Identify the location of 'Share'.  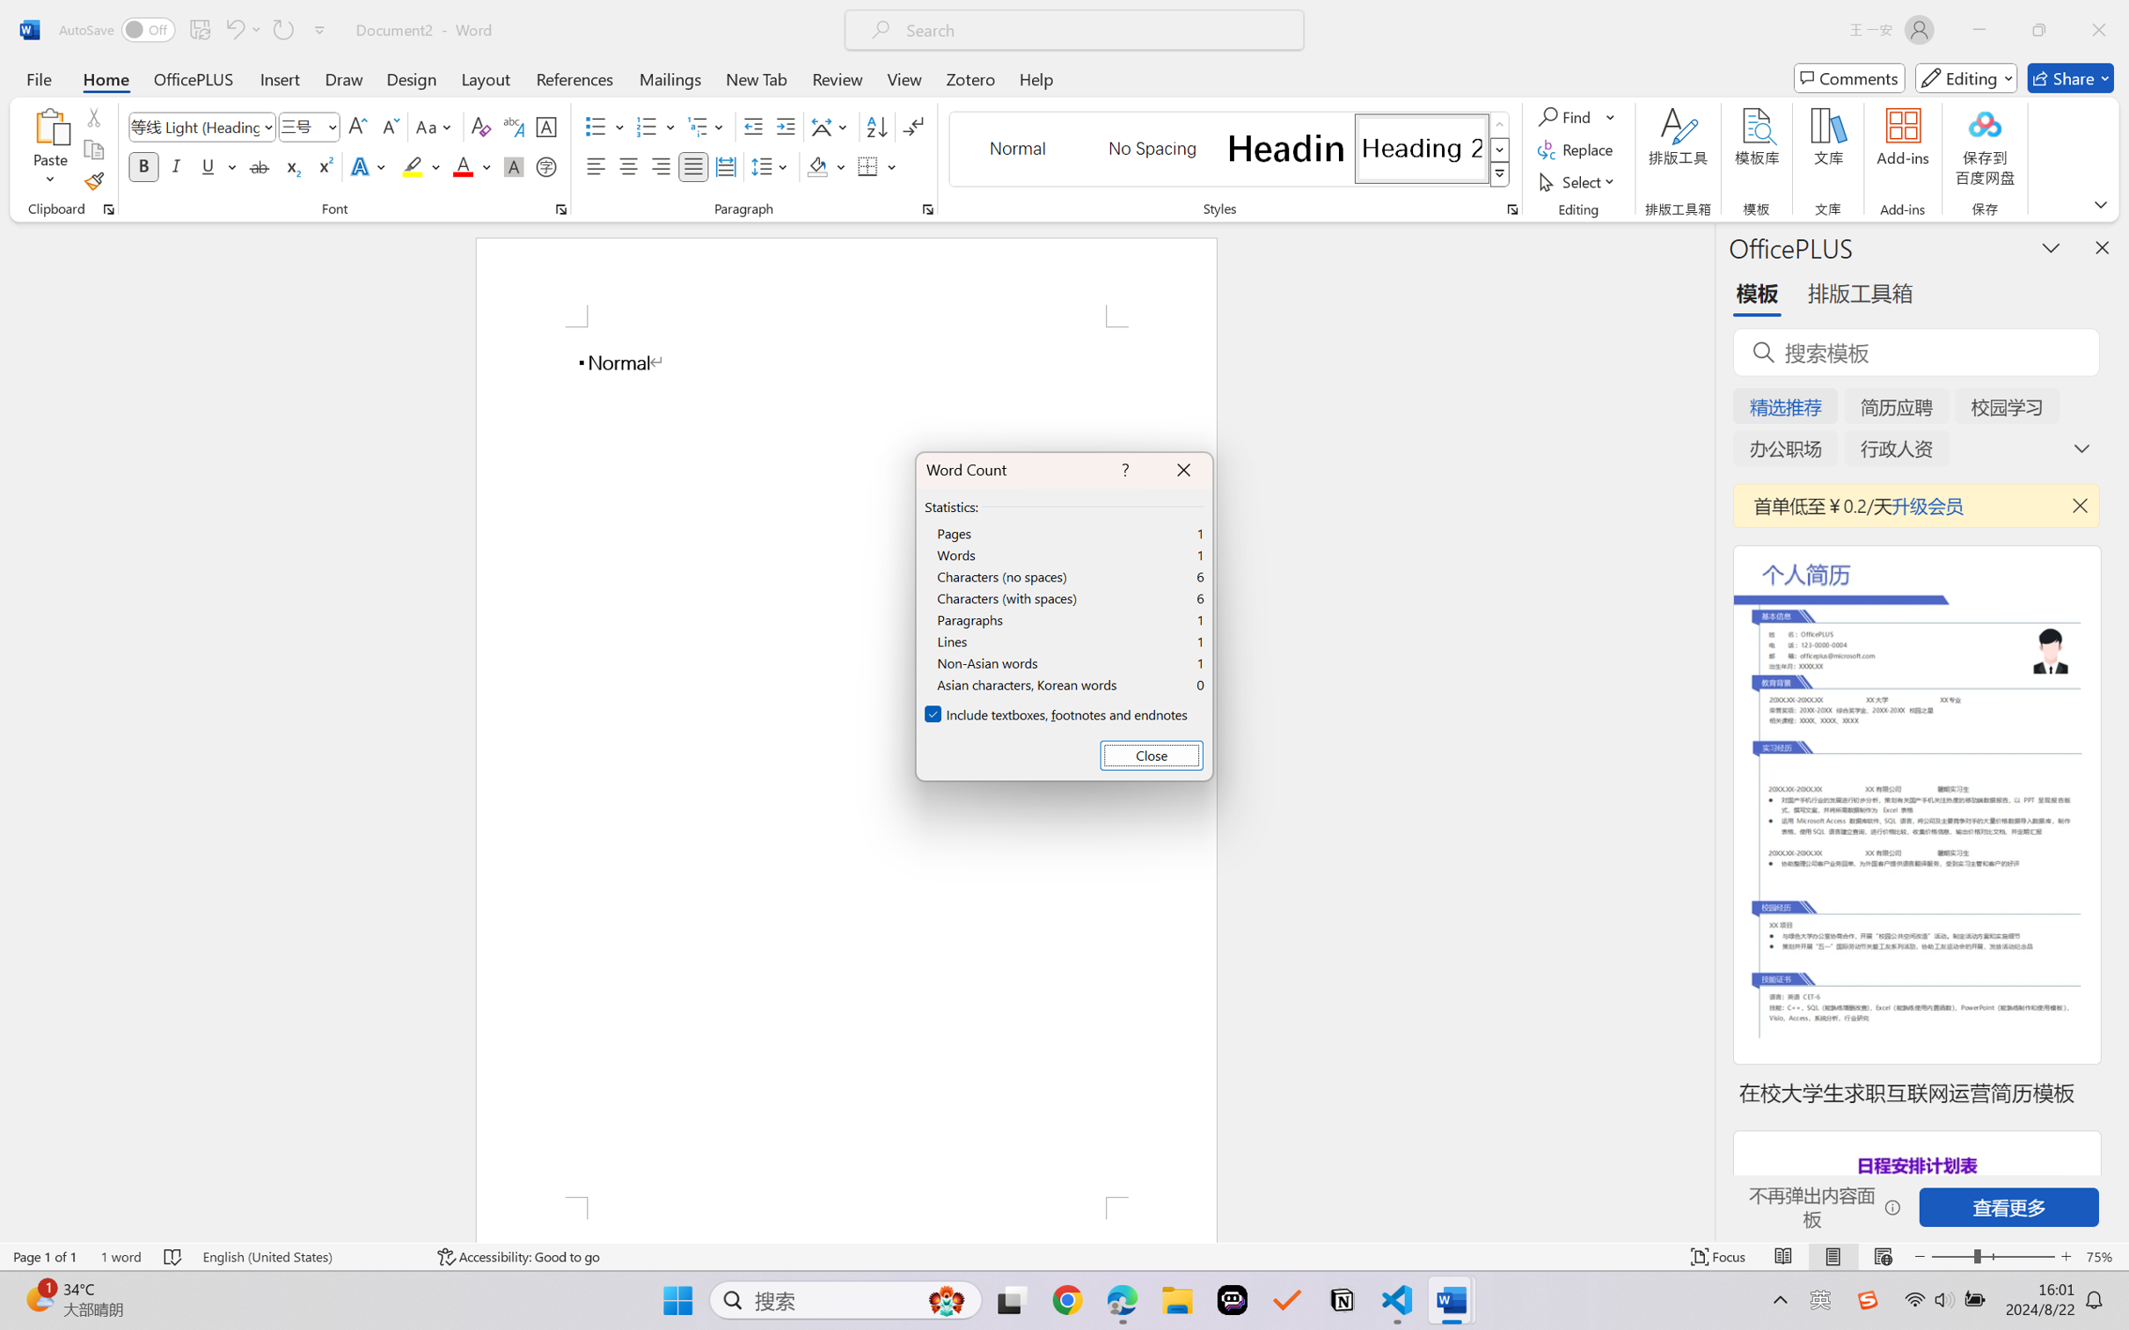
(2069, 77).